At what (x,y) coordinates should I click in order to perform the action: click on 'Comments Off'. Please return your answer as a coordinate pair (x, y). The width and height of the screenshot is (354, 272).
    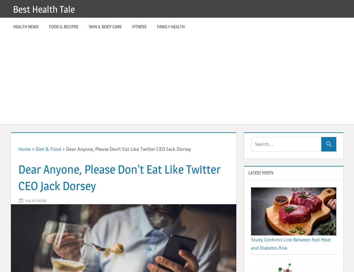
    Looking at the image, I should click on (74, 200).